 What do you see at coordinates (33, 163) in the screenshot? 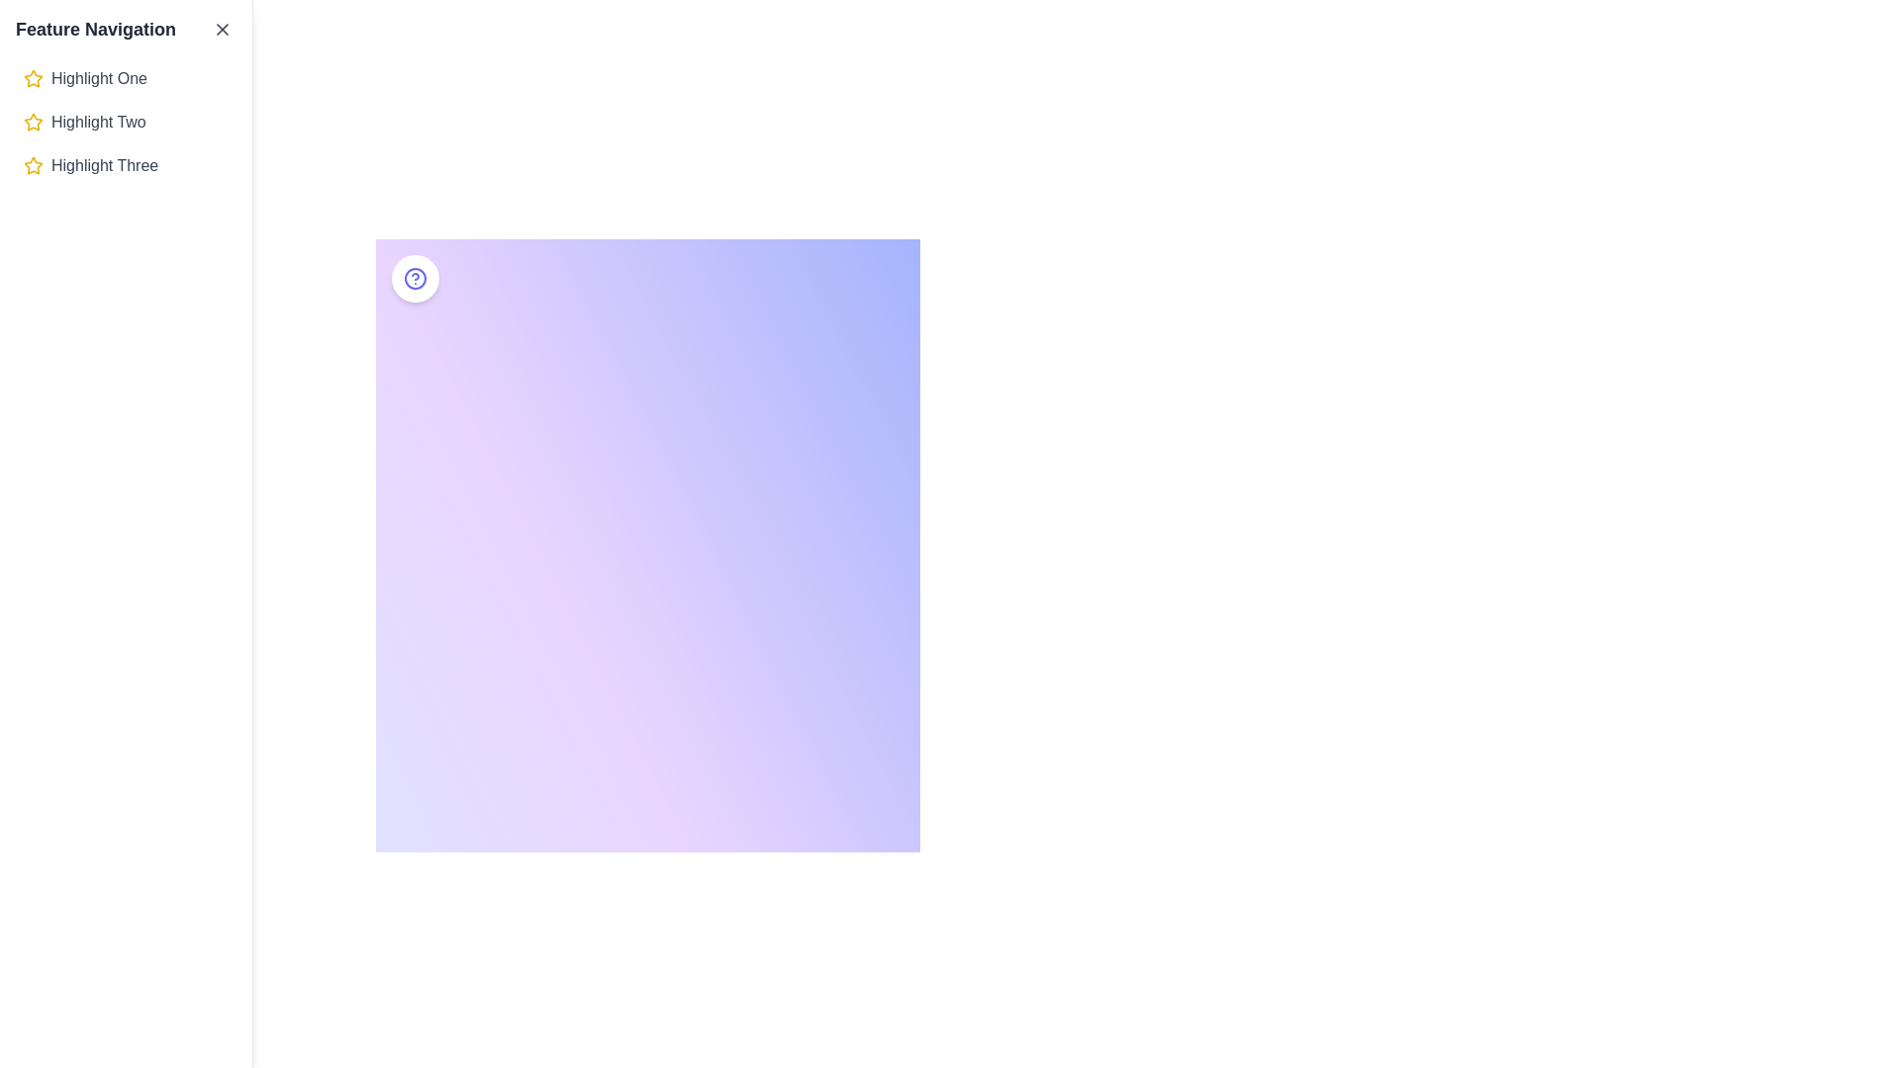
I see `the star icon located in the 'Feature Navigation' panel` at bounding box center [33, 163].